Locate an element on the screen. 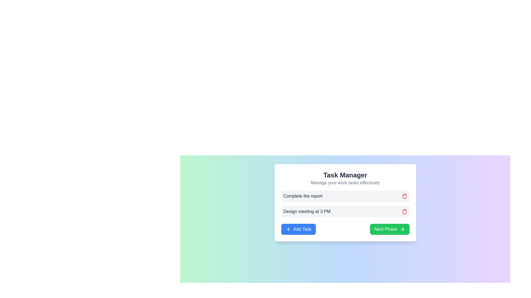  the text label of the blue button located in the bottom-left section of the visible card interface, which adds a new task to the task list is located at coordinates (302, 229).